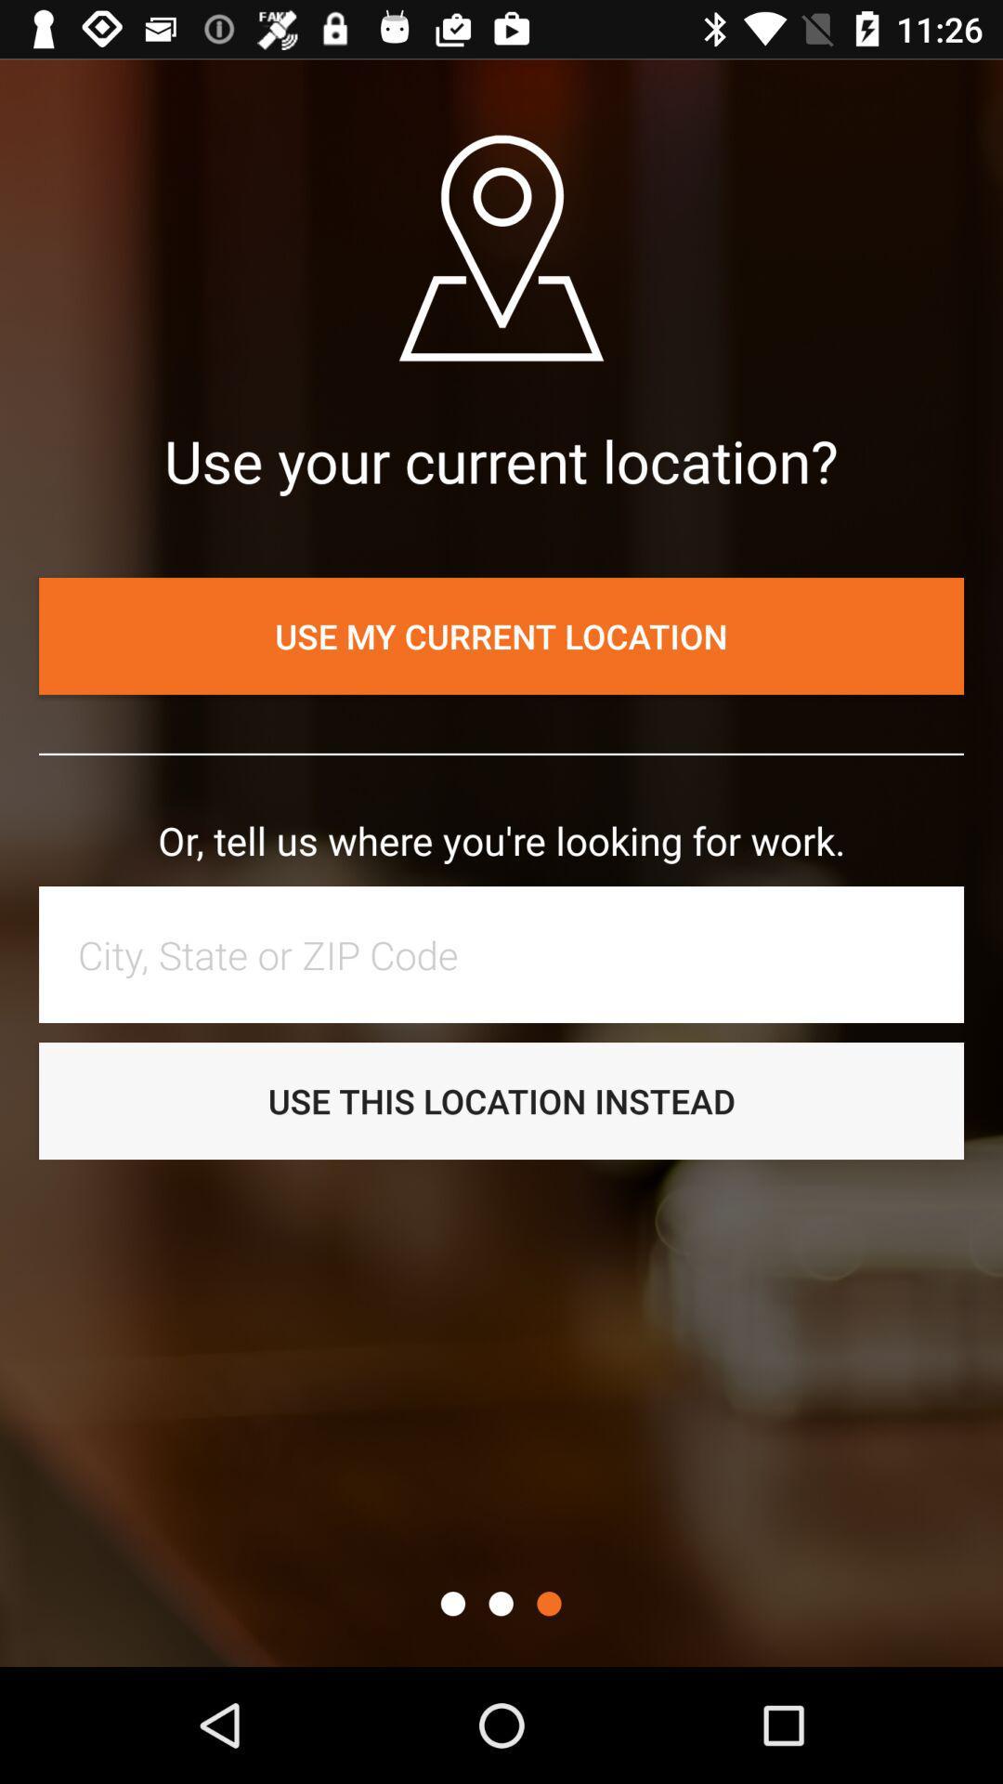 The image size is (1003, 1784). Describe the element at coordinates (511, 954) in the screenshot. I see `the icon above use this location` at that location.